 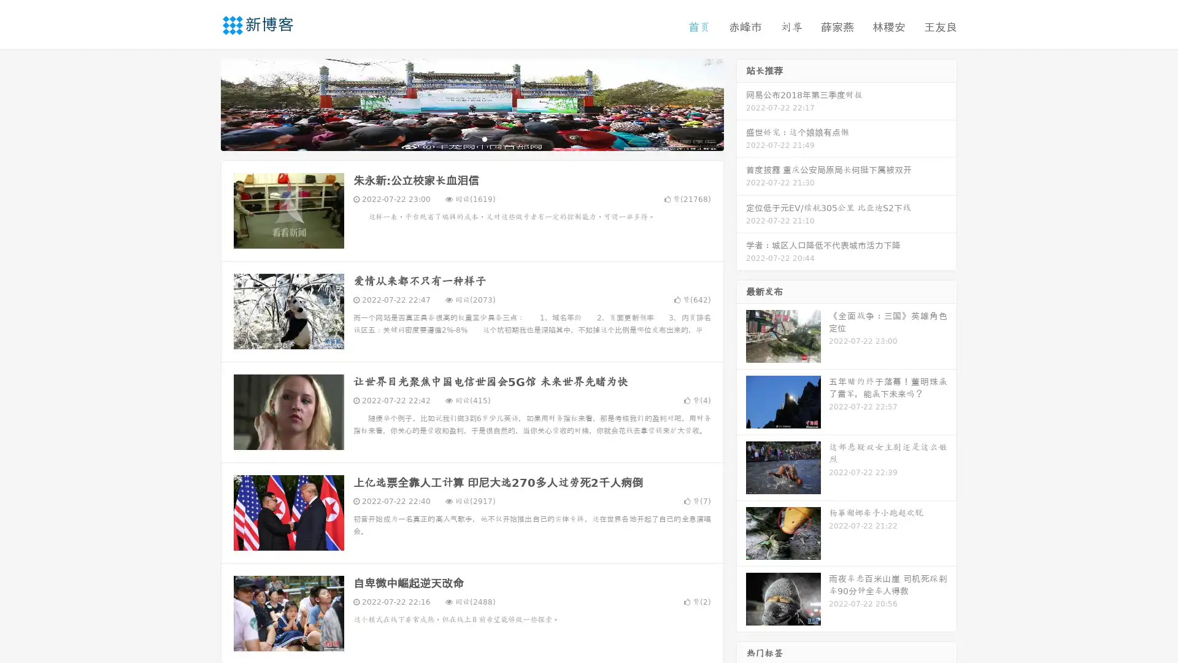 What do you see at coordinates (741, 103) in the screenshot?
I see `Next slide` at bounding box center [741, 103].